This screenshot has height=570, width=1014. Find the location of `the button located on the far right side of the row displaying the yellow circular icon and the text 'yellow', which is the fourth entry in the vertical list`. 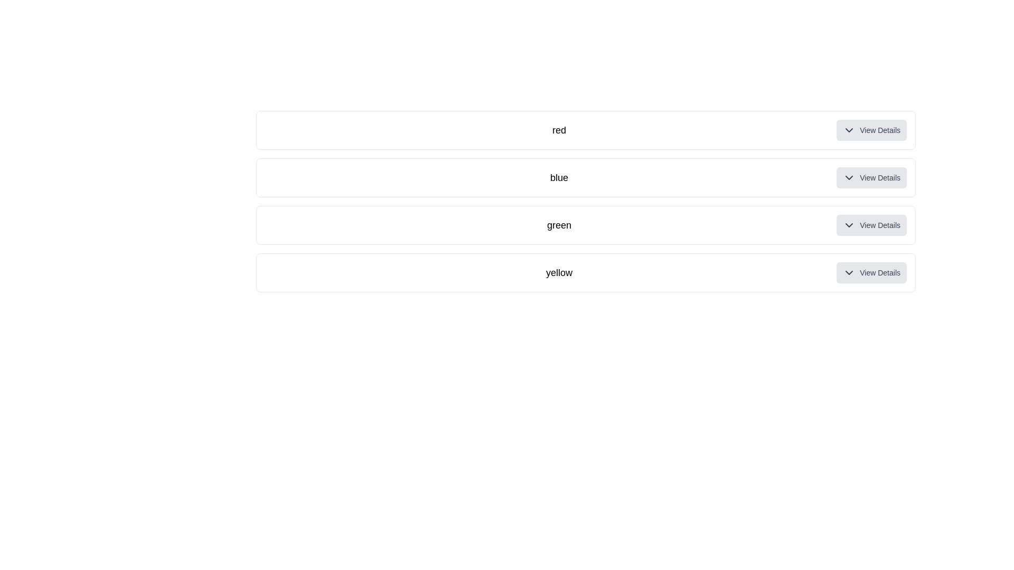

the button located on the far right side of the row displaying the yellow circular icon and the text 'yellow', which is the fourth entry in the vertical list is located at coordinates (871, 272).